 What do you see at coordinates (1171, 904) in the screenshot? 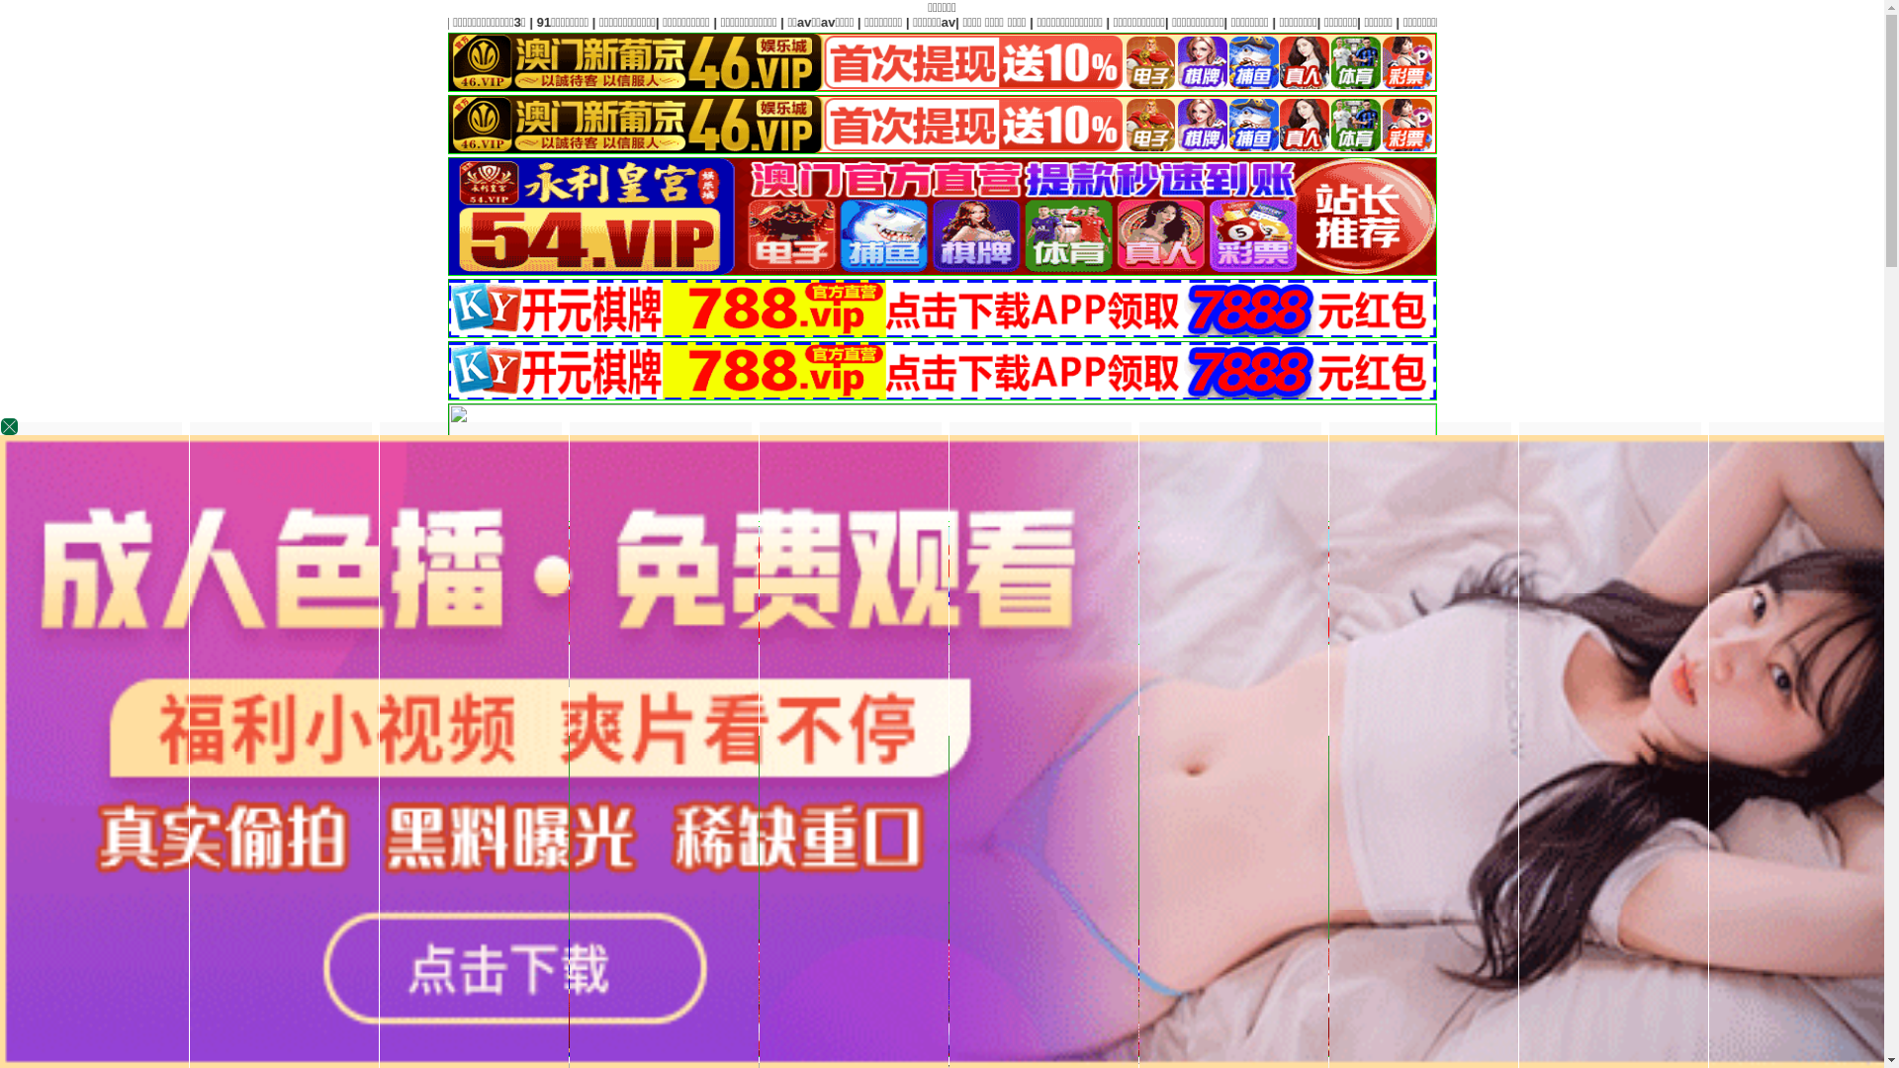
I see `'|'` at bounding box center [1171, 904].